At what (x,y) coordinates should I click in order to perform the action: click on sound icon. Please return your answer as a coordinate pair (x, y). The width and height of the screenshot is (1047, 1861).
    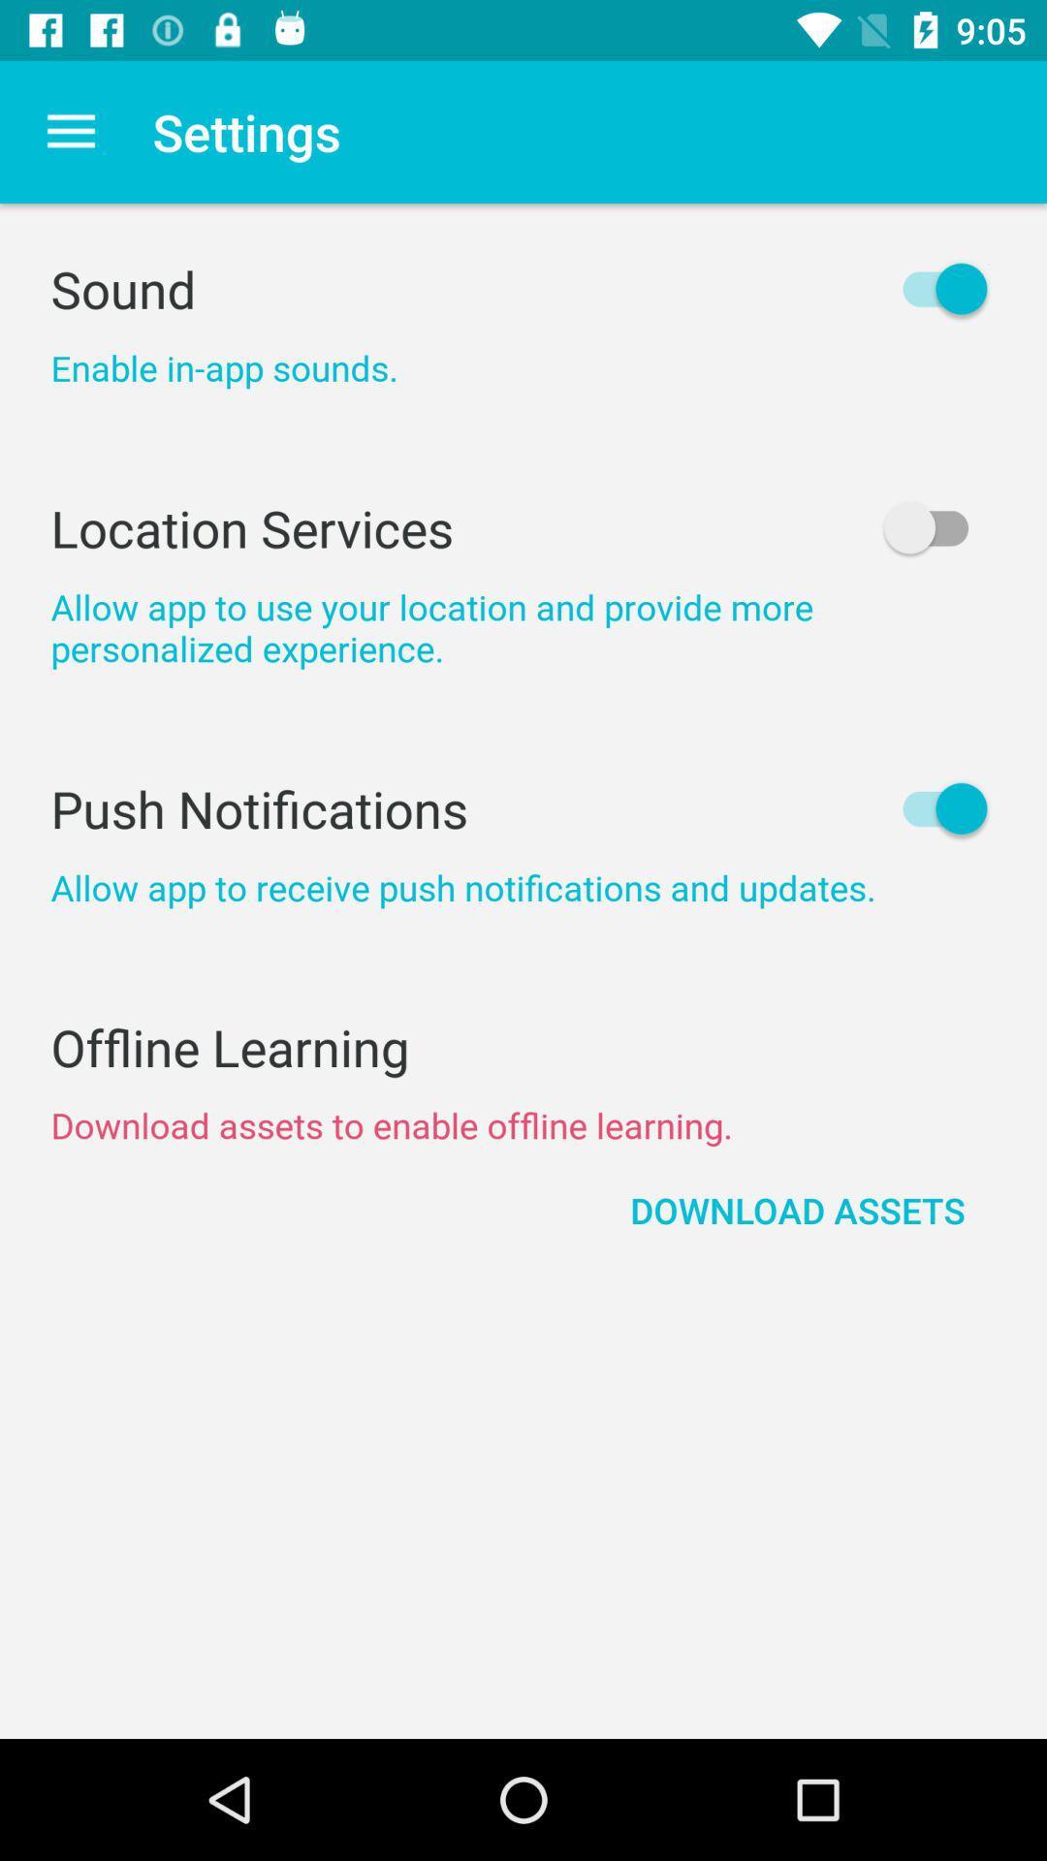
    Looking at the image, I should click on (523, 288).